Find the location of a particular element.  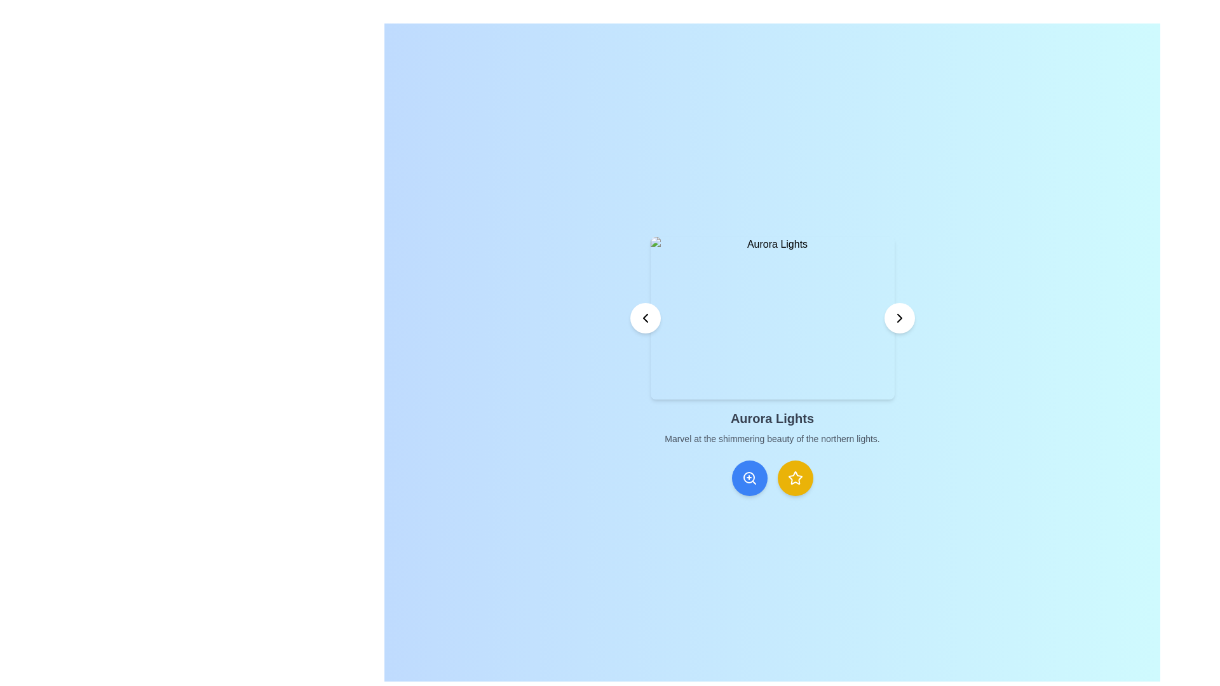

the circular button with a blue background and white magnifying glass icon is located at coordinates (749, 478).